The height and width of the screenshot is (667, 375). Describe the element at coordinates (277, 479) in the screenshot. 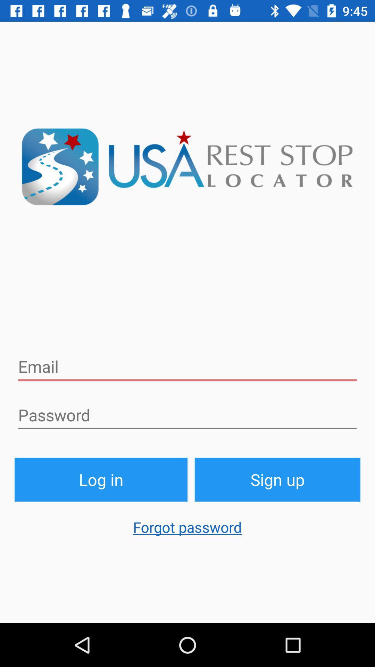

I see `item above forgot password` at that location.